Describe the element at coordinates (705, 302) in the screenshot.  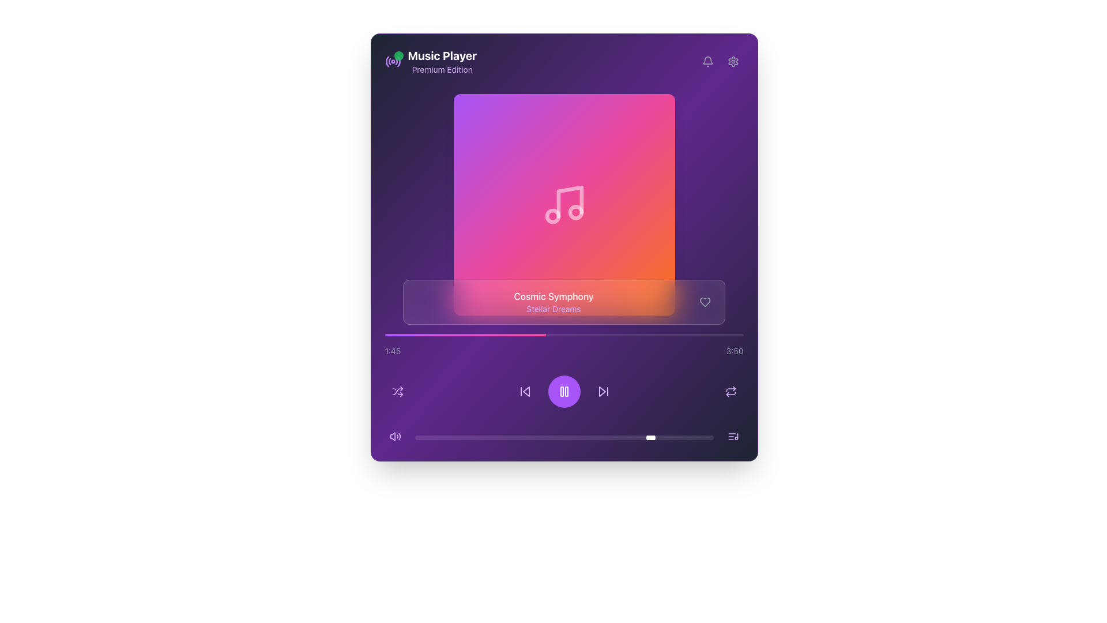
I see `the 'like' icon button located to the far-right of the song title and artist name display to mark the current song as a favorite` at that location.